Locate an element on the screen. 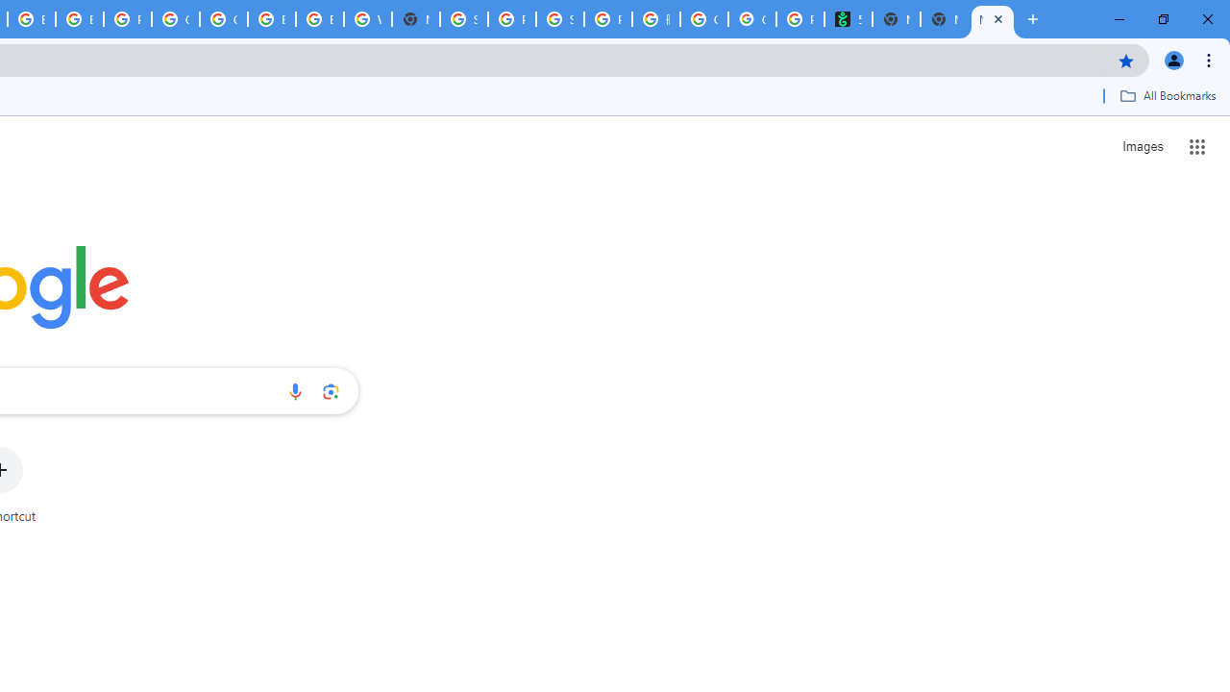 The image size is (1230, 692). 'Search by voice' is located at coordinates (294, 390).